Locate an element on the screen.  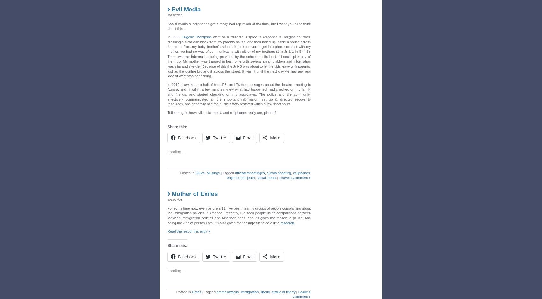
'Musings' is located at coordinates (213, 171).